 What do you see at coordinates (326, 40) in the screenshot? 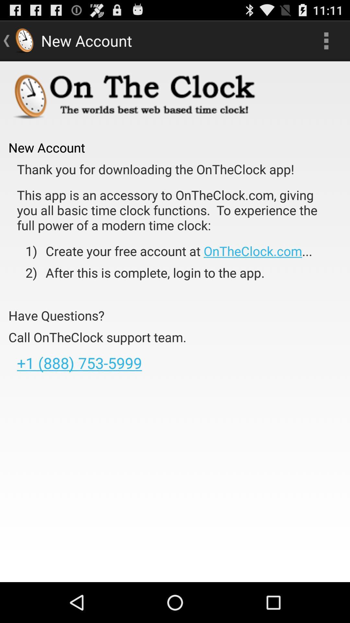
I see `app to the right of new account item` at bounding box center [326, 40].